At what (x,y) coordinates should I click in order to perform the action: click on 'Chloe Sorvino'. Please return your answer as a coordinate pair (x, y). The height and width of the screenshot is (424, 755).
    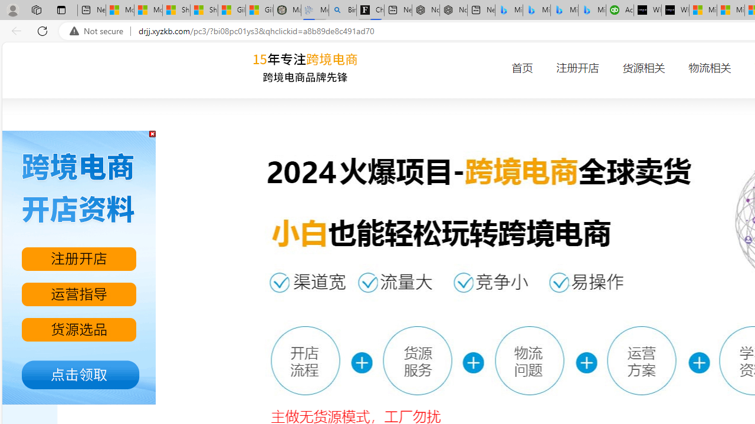
    Looking at the image, I should click on (370, 10).